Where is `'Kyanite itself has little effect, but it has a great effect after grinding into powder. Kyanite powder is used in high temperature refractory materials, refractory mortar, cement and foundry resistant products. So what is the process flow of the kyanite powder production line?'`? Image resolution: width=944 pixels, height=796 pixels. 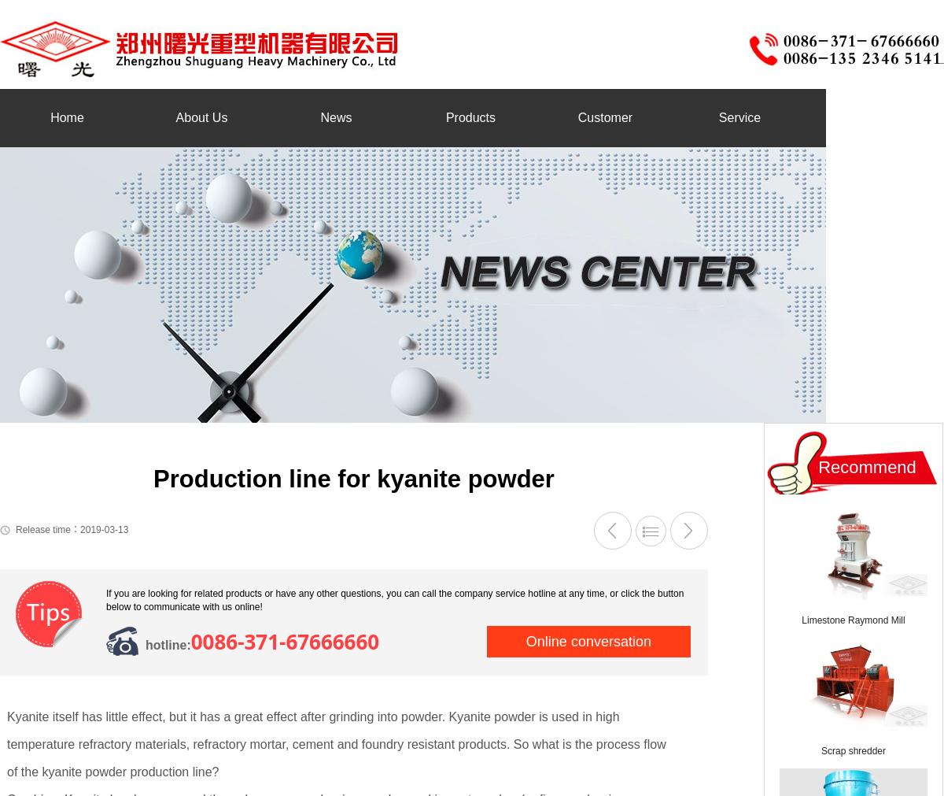
'Kyanite itself has little effect, but it has a great effect after grinding into powder. Kyanite powder is used in high temperature refractory materials, refractory mortar, cement and foundry resistant products. So what is the process flow of the kyanite powder production line?' is located at coordinates (7, 743).